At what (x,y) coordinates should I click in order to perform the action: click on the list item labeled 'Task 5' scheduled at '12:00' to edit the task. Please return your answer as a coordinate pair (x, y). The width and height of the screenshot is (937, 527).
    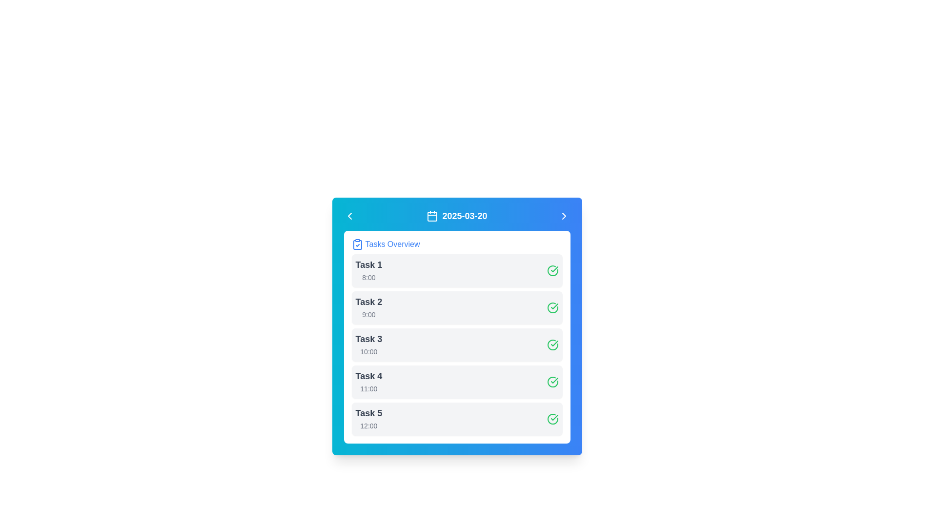
    Looking at the image, I should click on (456, 419).